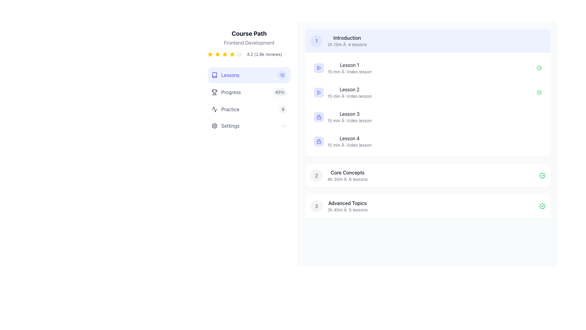 The height and width of the screenshot is (330, 586). What do you see at coordinates (232, 54) in the screenshot?
I see `the fifth filled star icon in the rating system, which indicates a rating level of 4.2, as part of the visual layout above the text '4.2 (2.8k reviews)'` at bounding box center [232, 54].